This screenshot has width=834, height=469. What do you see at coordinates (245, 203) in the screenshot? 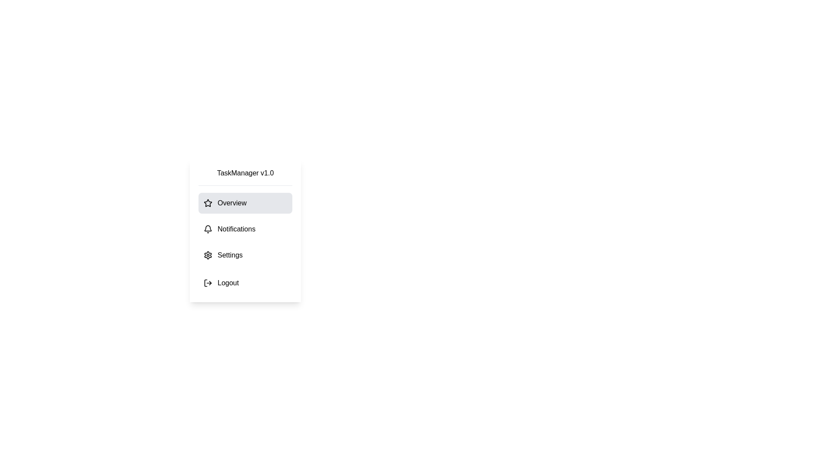
I see `the 'Overview' button, which is a rectangular button with a light gray background and rounded corners, containing black text and a star-shaped icon, positioned in the sidebar below the header 'TaskManager v1.0'` at bounding box center [245, 203].